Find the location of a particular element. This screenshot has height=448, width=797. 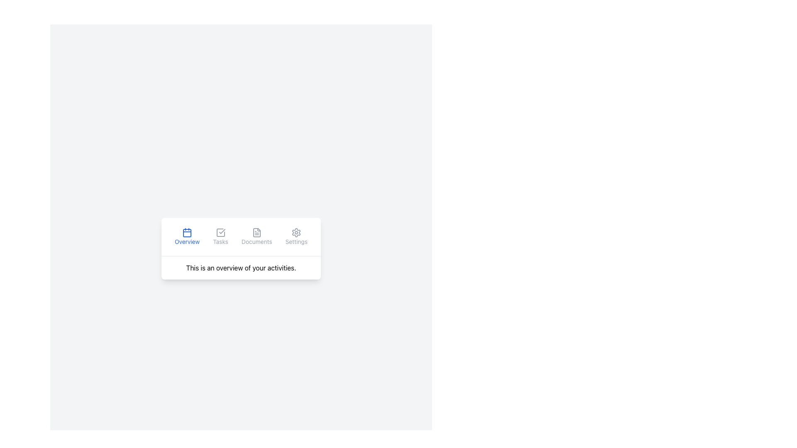

the square-shaped document icon located in the Documents tab section of the interface is located at coordinates (256, 232).